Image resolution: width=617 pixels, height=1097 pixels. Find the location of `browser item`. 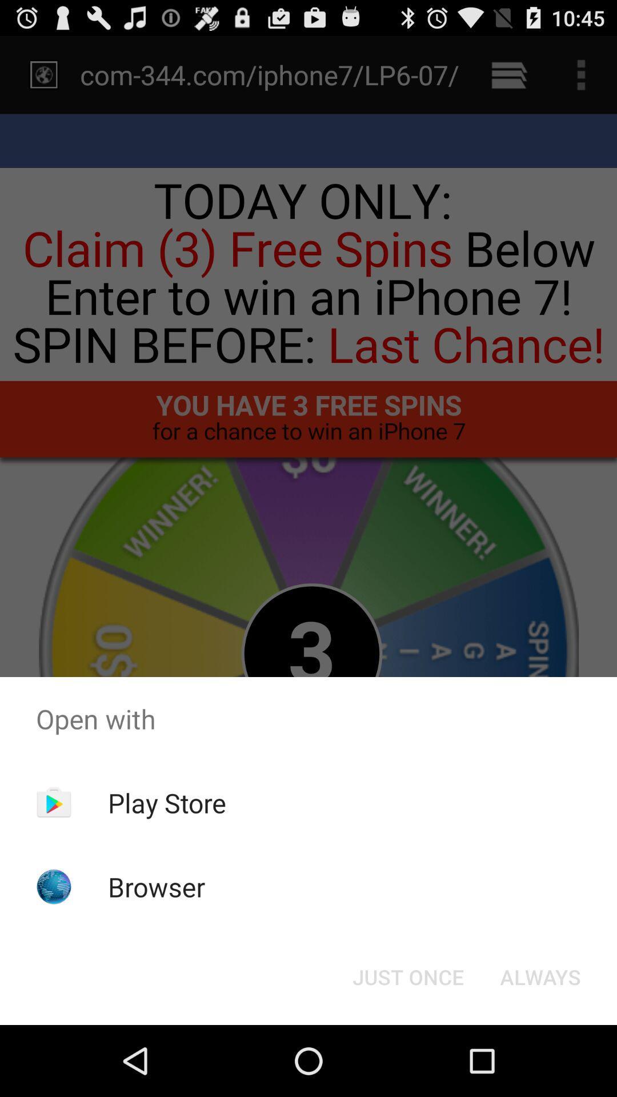

browser item is located at coordinates (157, 886).